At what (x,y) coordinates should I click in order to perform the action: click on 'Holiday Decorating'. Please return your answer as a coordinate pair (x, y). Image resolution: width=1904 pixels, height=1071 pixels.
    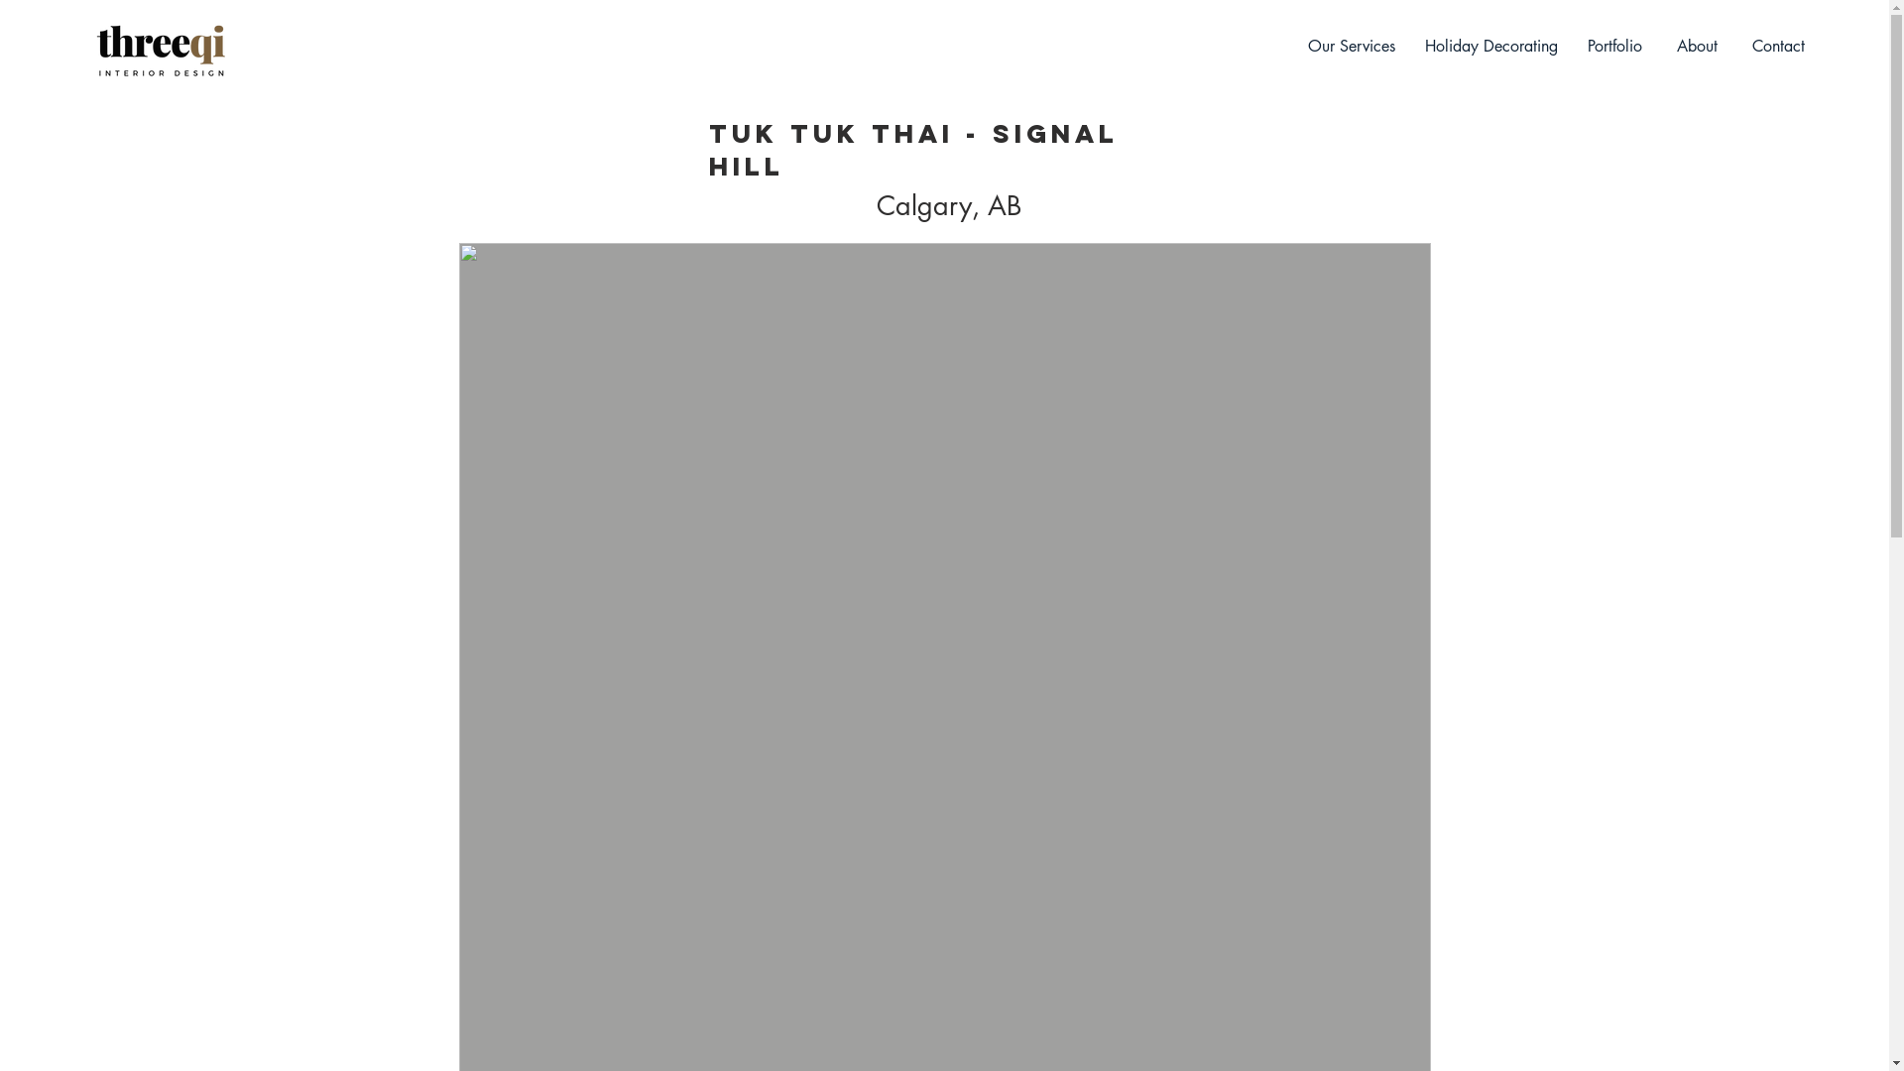
    Looking at the image, I should click on (1490, 45).